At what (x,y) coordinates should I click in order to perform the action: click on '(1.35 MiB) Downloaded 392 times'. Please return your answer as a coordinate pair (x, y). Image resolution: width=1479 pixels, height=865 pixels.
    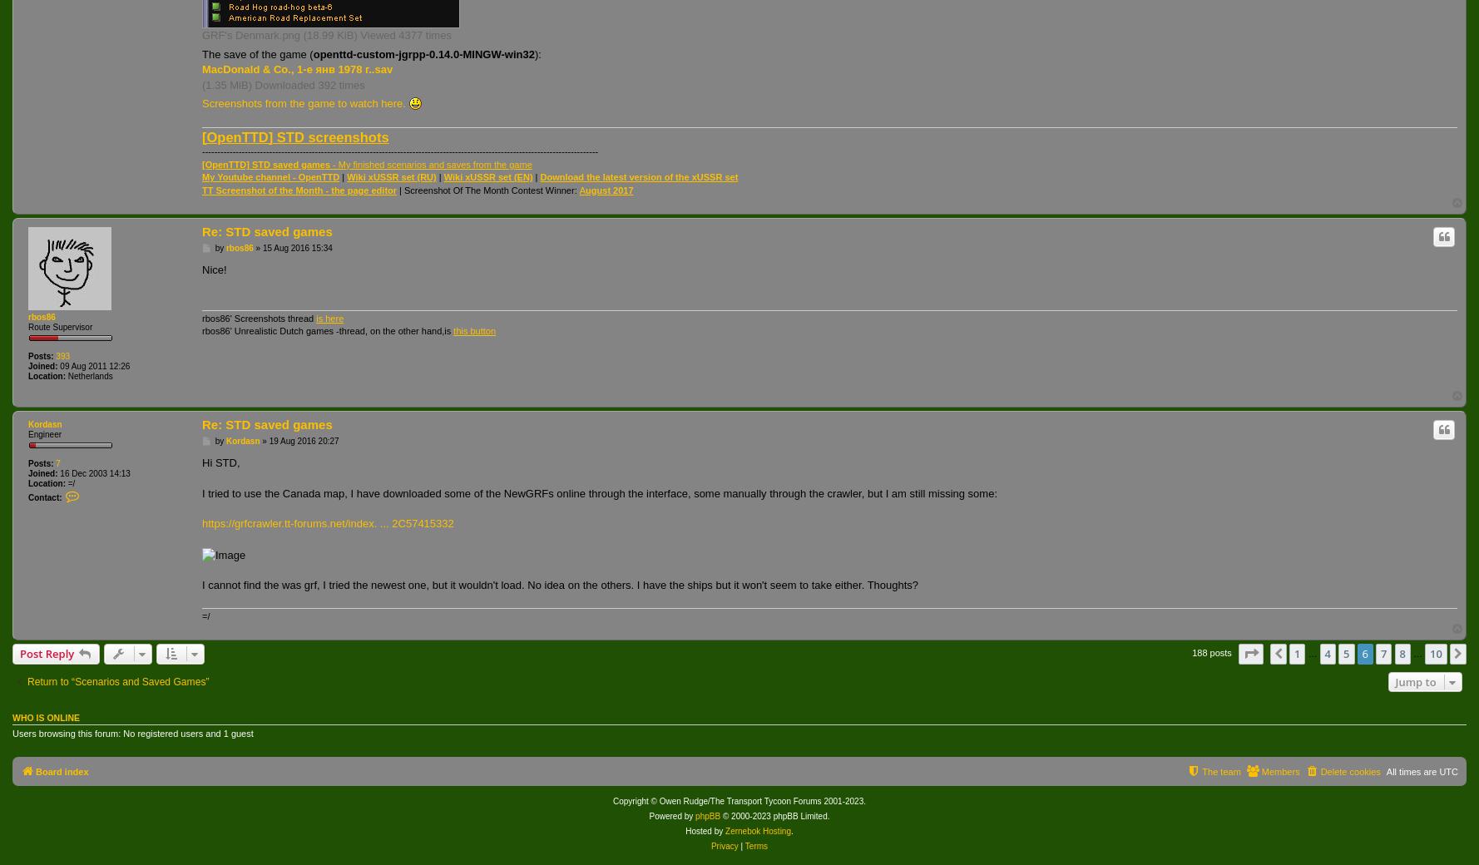
    Looking at the image, I should click on (201, 83).